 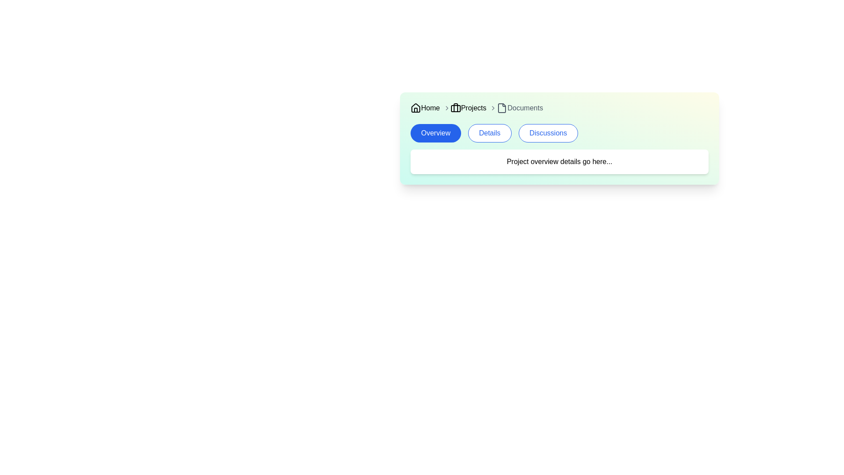 What do you see at coordinates (425, 108) in the screenshot?
I see `the Breadcrumb navigation link located at the leftmost position in the breadcrumb navigation bar` at bounding box center [425, 108].